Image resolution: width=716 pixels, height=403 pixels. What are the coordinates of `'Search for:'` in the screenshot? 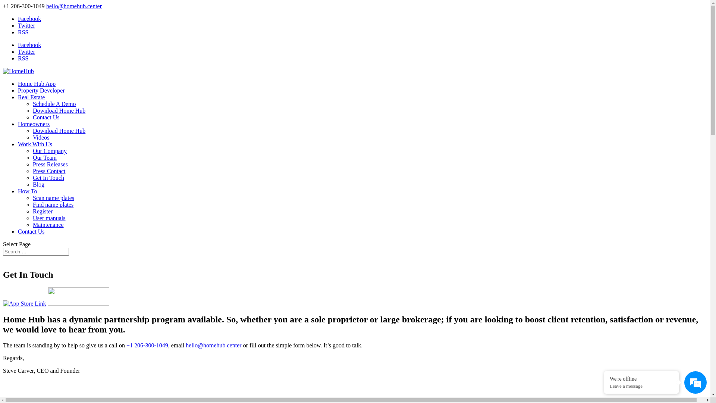 It's located at (35, 252).